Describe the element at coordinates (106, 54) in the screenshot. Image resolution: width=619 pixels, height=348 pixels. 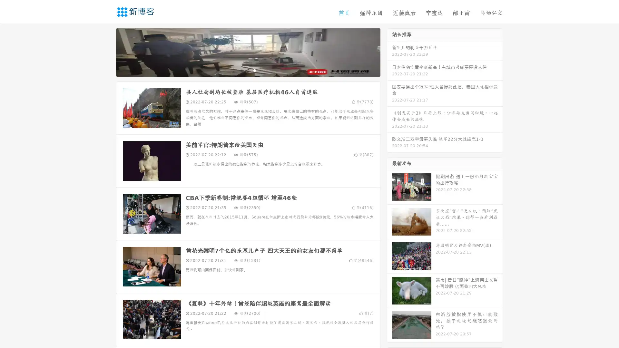
I see `Previous slide` at that location.